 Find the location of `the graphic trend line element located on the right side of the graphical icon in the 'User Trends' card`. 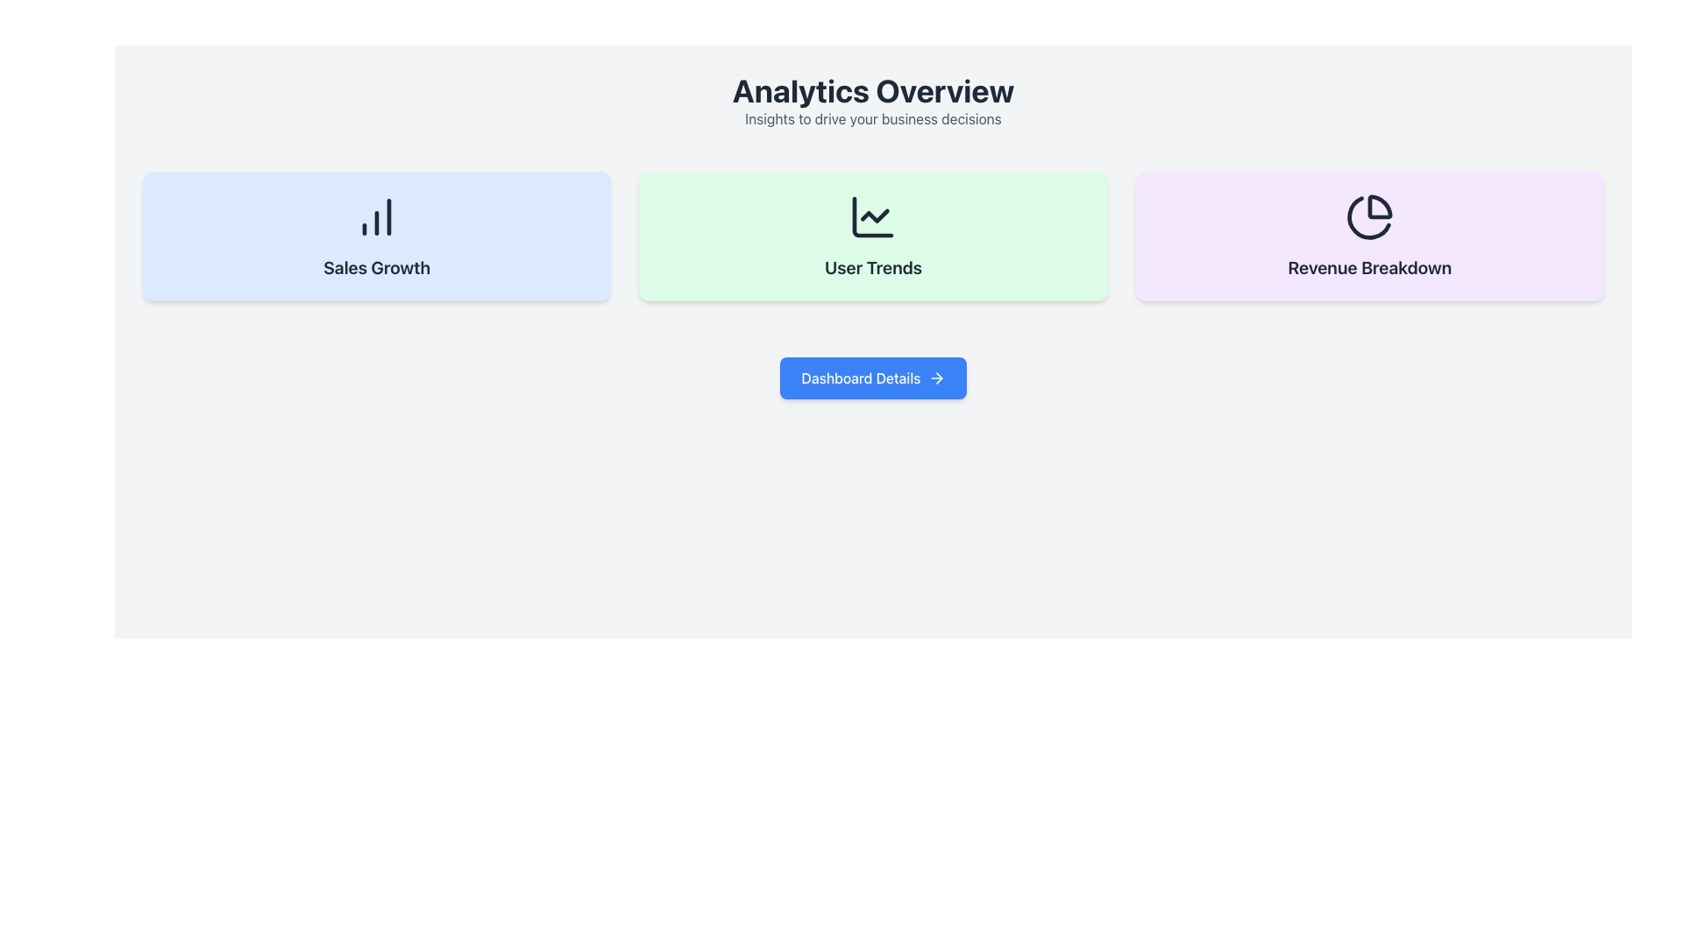

the graphic trend line element located on the right side of the graphical icon in the 'User Trends' card is located at coordinates (875, 215).